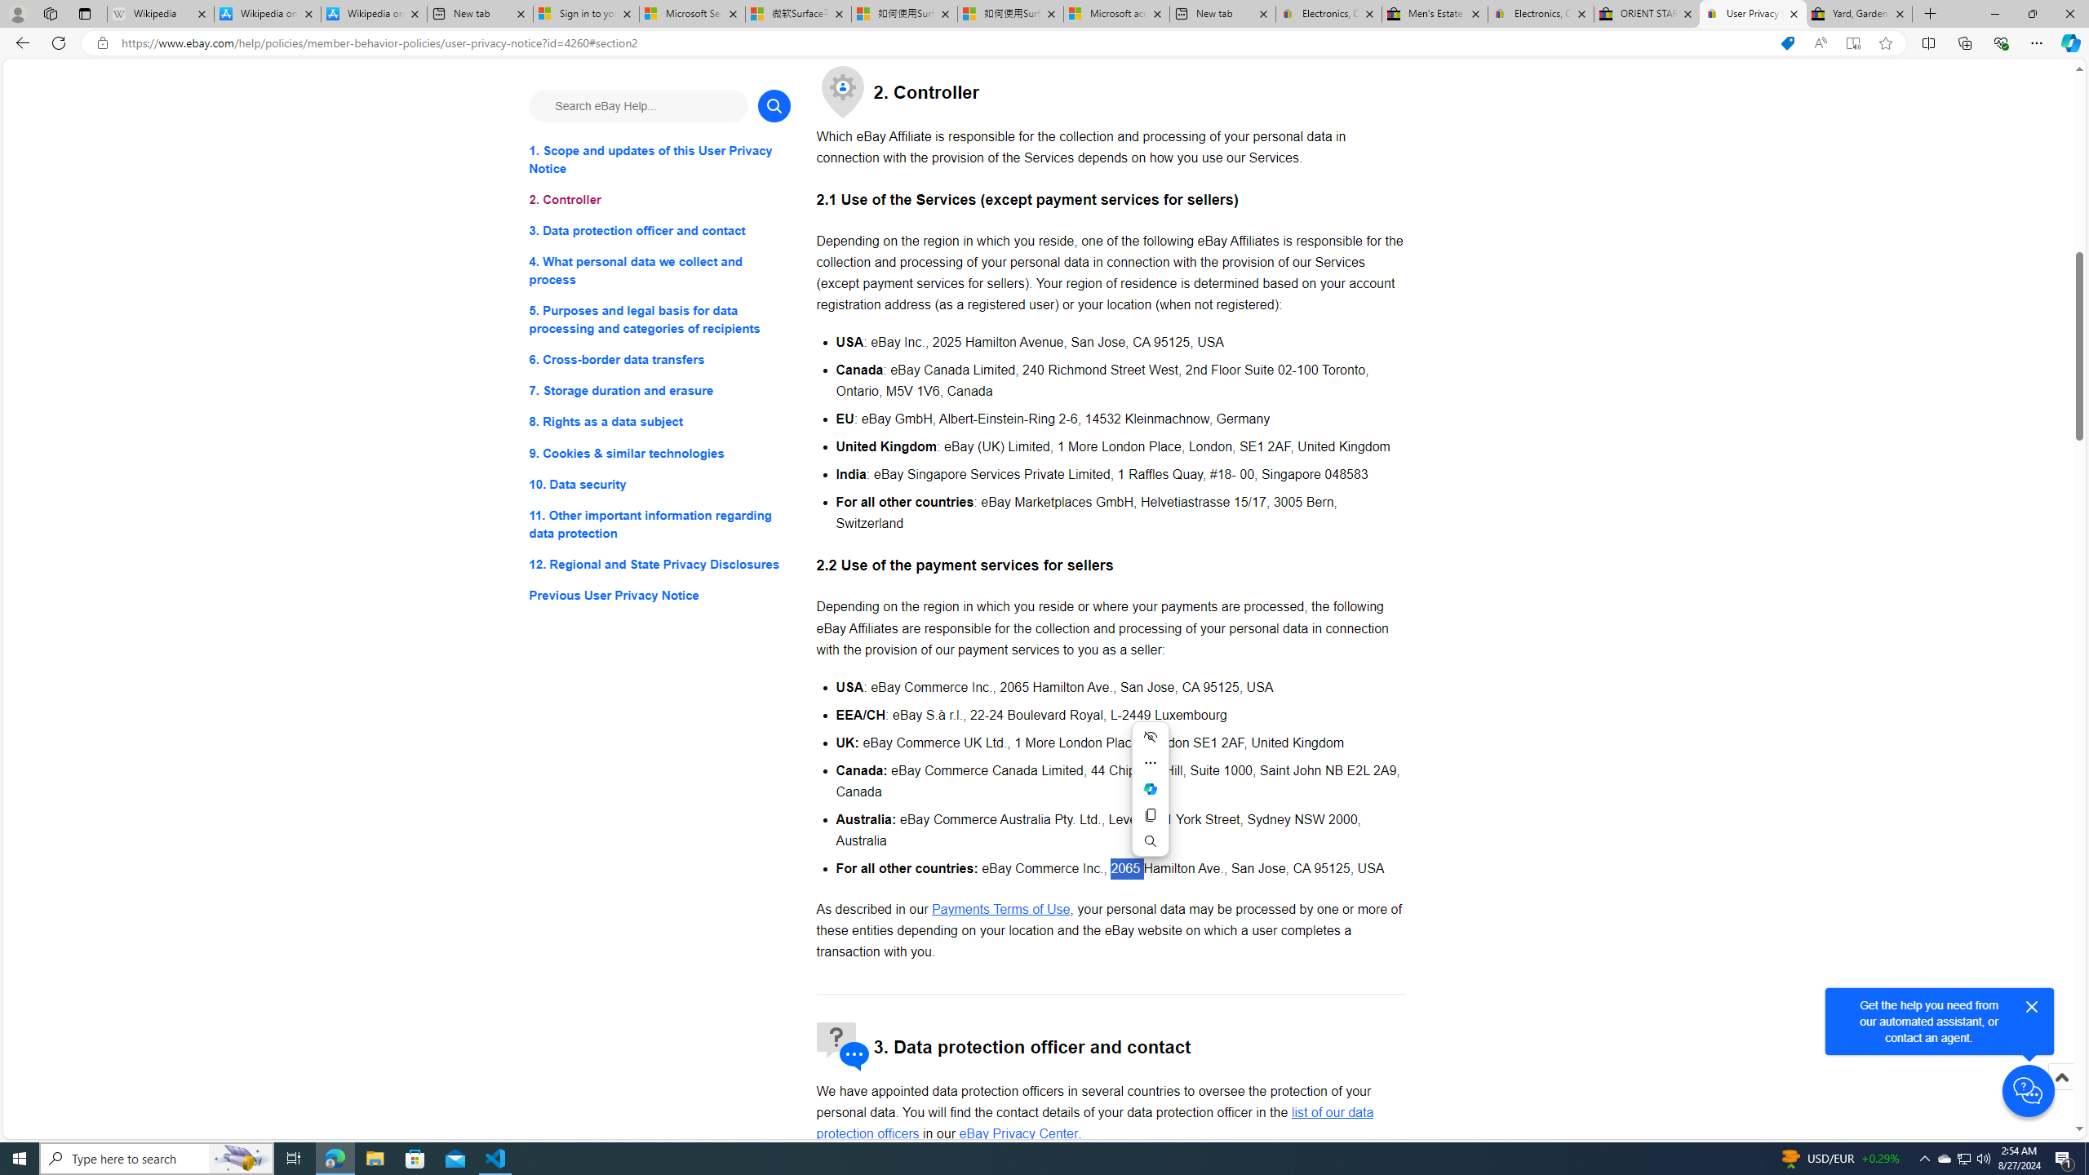  What do you see at coordinates (659, 159) in the screenshot?
I see `'1. Scope and updates of this User Privacy Notice'` at bounding box center [659, 159].